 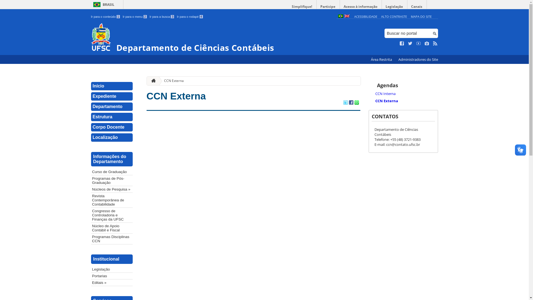 I want to click on 'Participe', so click(x=328, y=6).